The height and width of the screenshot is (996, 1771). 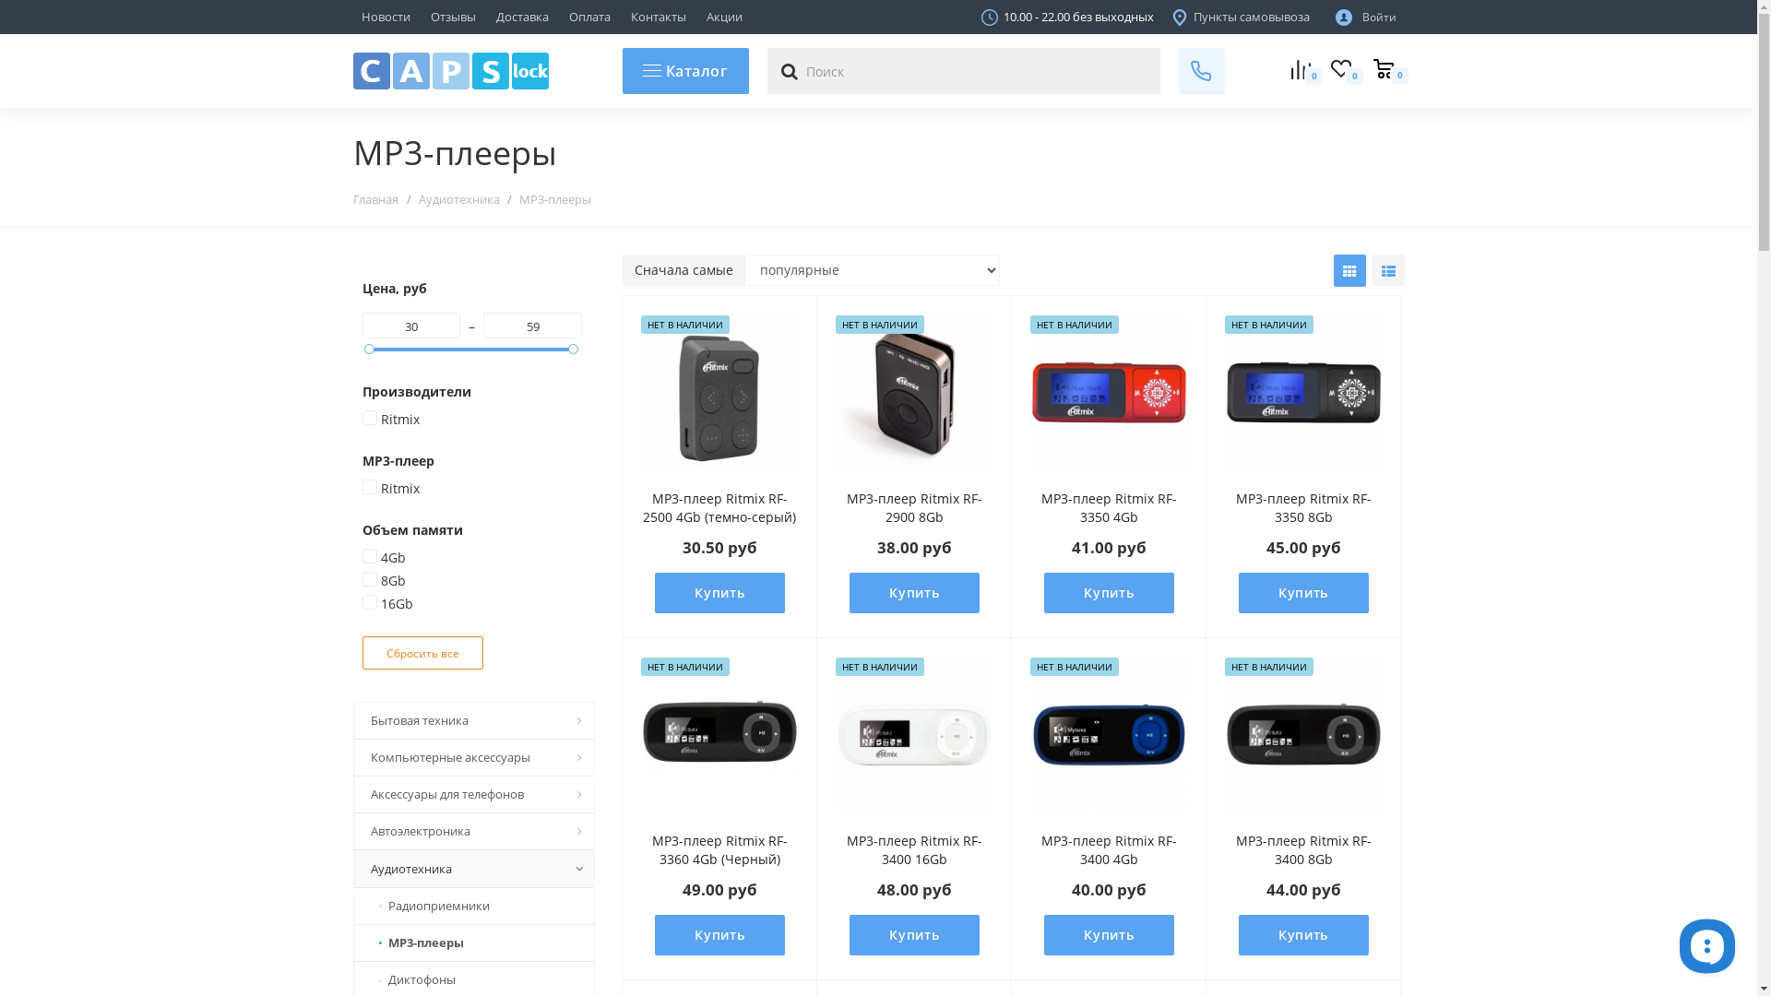 What do you see at coordinates (1306, 70) in the screenshot?
I see `'0'` at bounding box center [1306, 70].